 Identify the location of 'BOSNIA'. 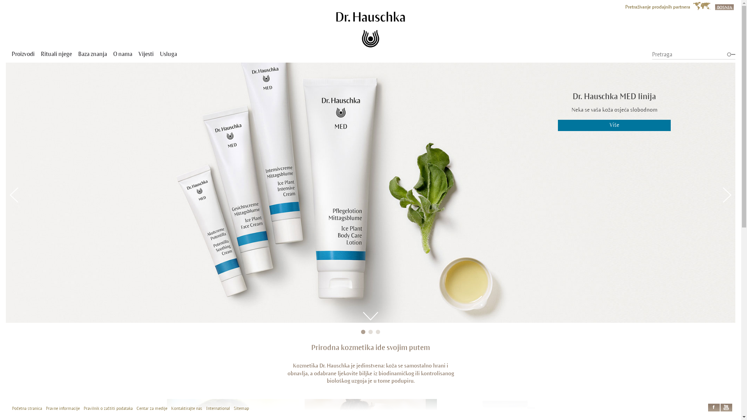
(724, 6).